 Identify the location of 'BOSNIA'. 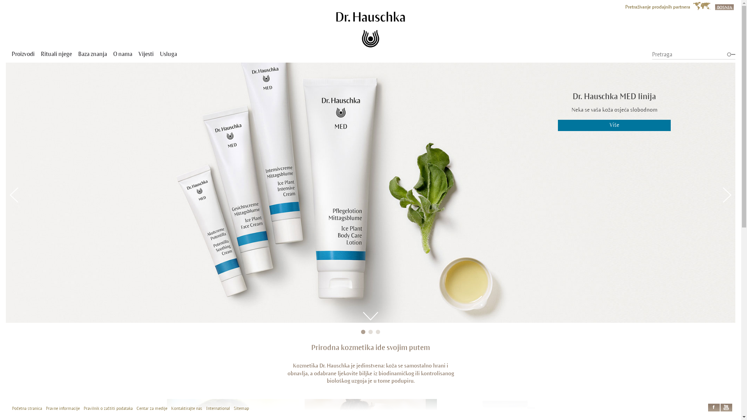
(724, 6).